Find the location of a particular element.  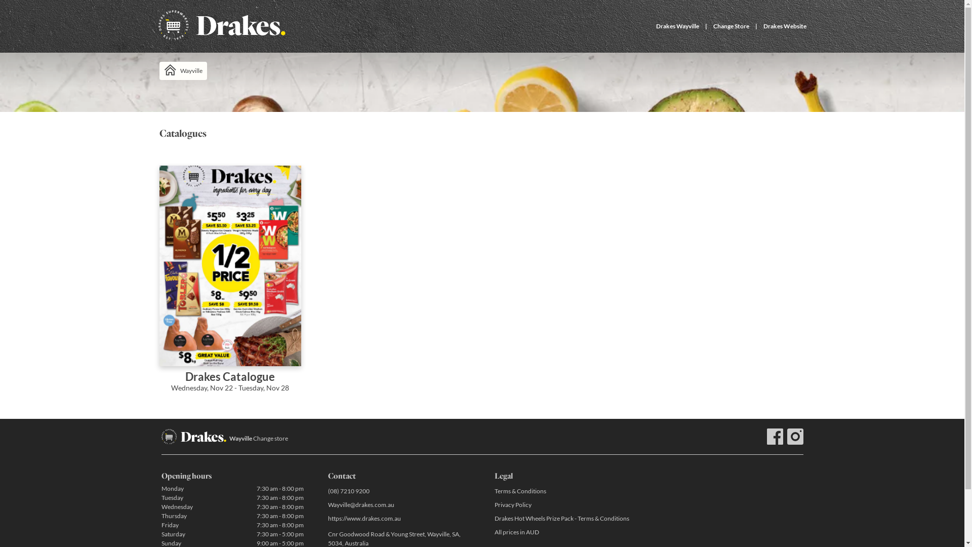

'Wayville@drakes.com.au' is located at coordinates (398, 504).